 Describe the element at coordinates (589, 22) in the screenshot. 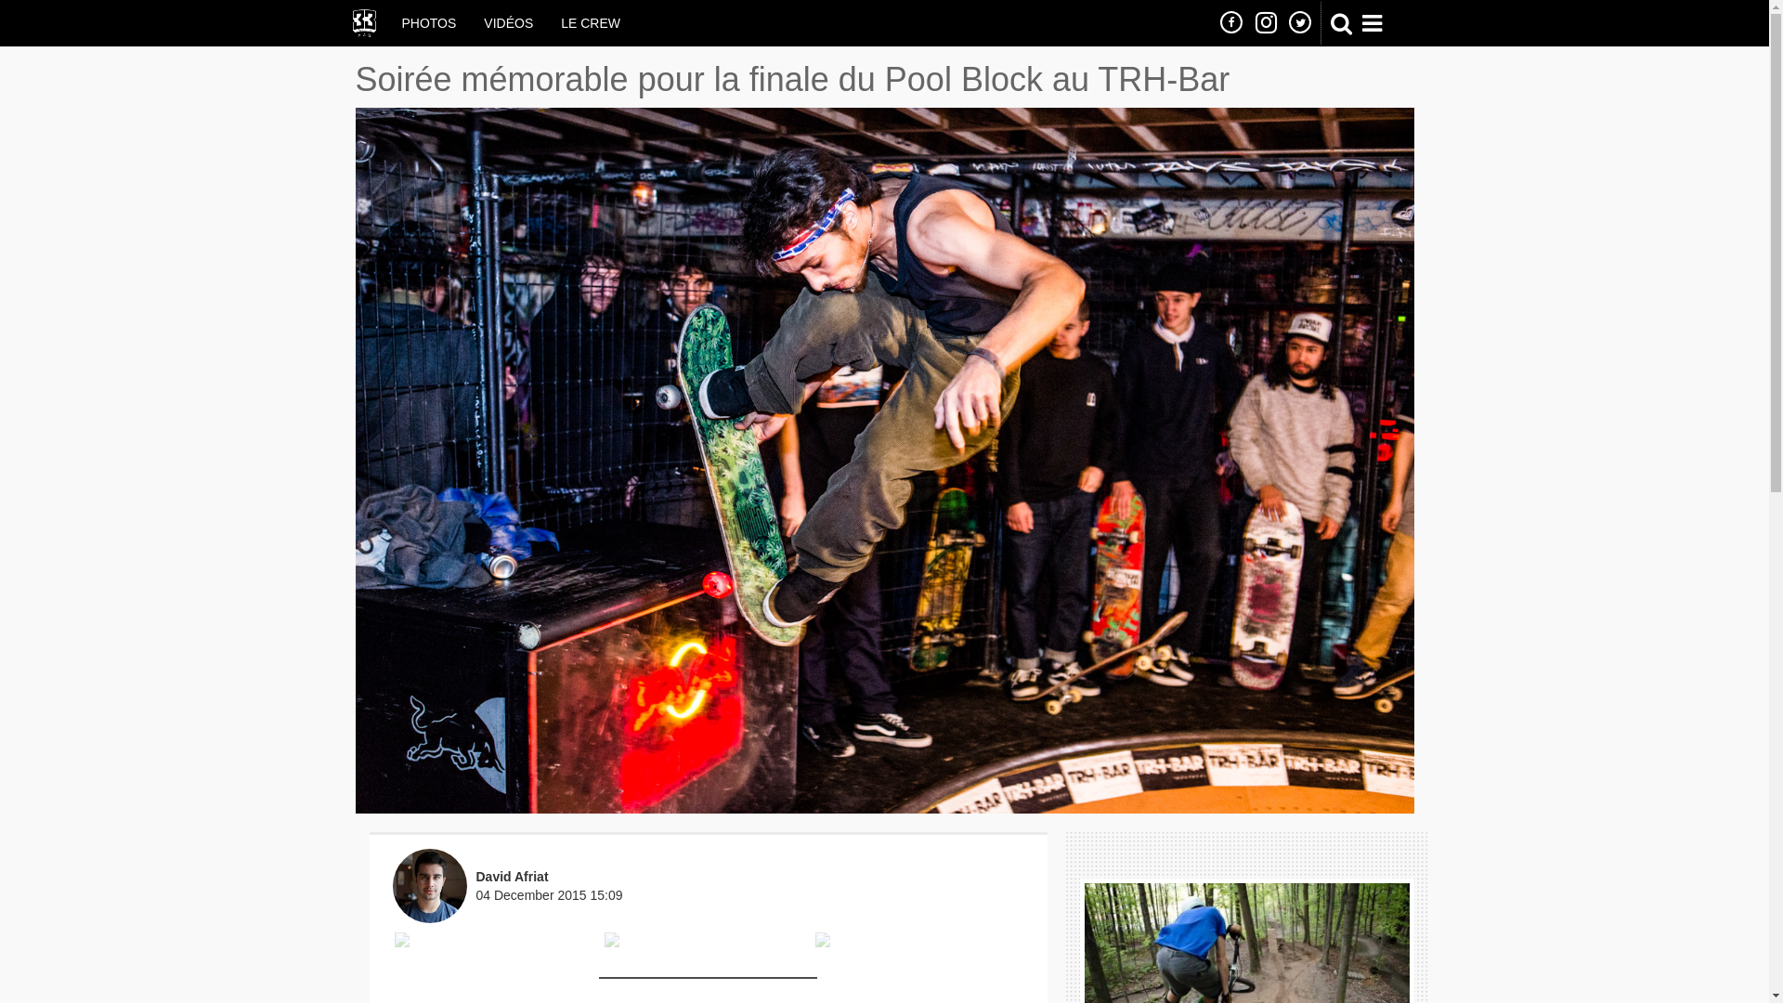

I see `'LE CREW'` at that location.